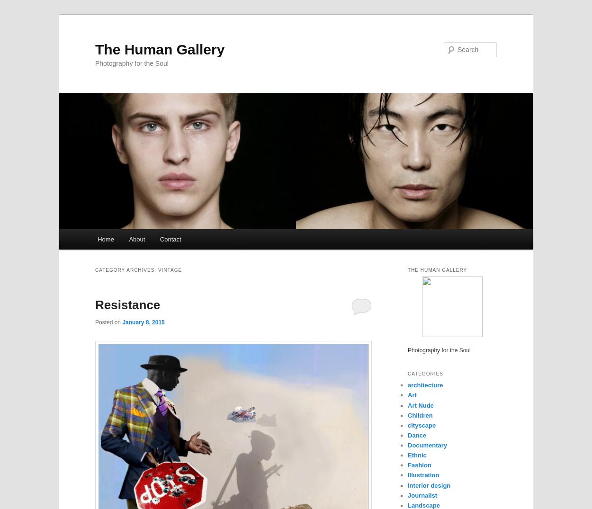  Describe the element at coordinates (425, 373) in the screenshot. I see `'Categories'` at that location.